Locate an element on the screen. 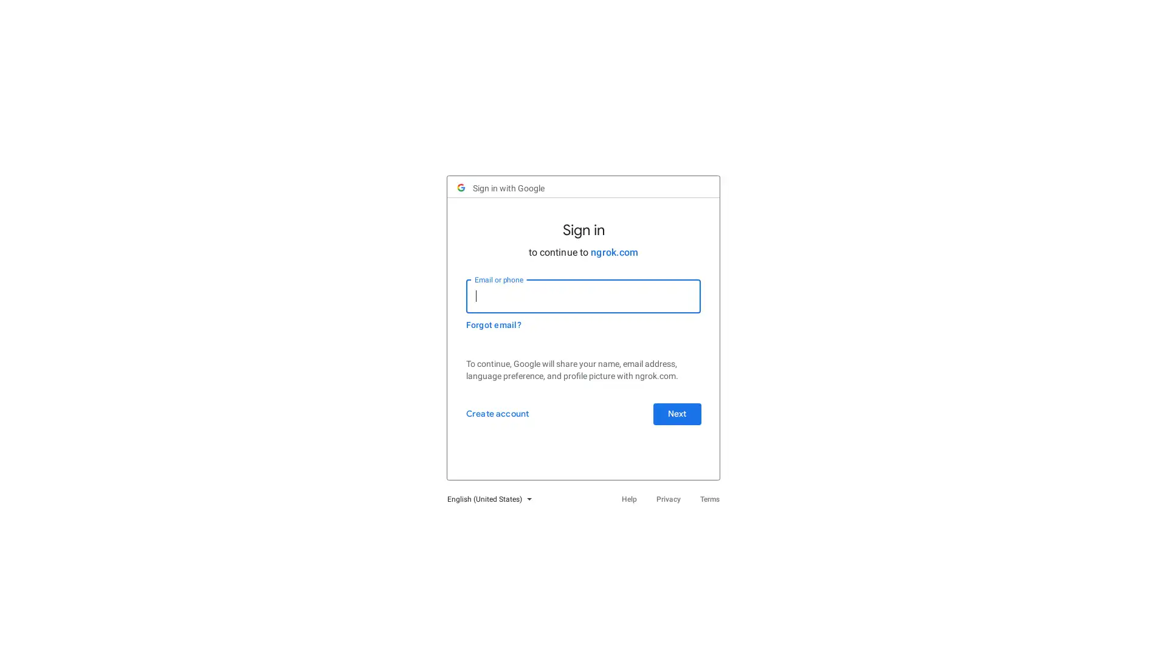 The width and height of the screenshot is (1167, 656). Forgot email? is located at coordinates (499, 332).